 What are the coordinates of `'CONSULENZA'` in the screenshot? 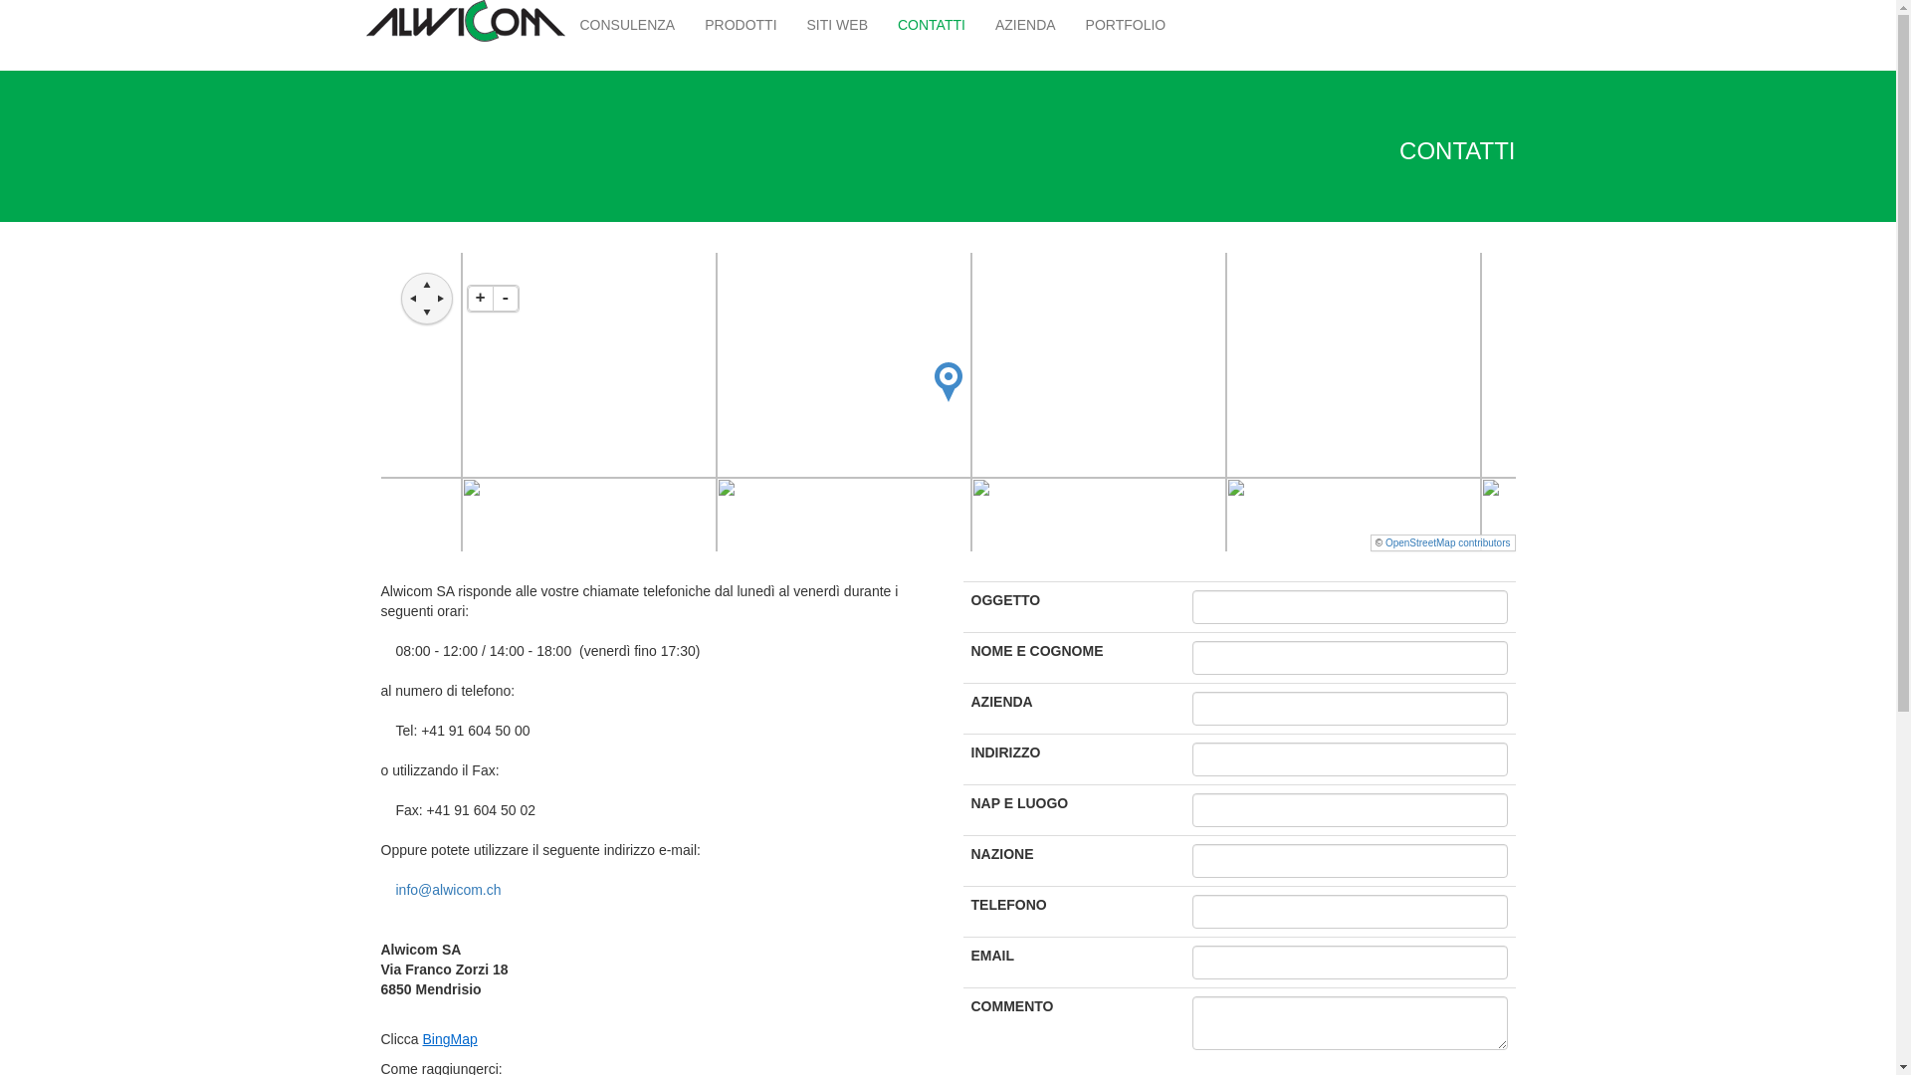 It's located at (626, 24).